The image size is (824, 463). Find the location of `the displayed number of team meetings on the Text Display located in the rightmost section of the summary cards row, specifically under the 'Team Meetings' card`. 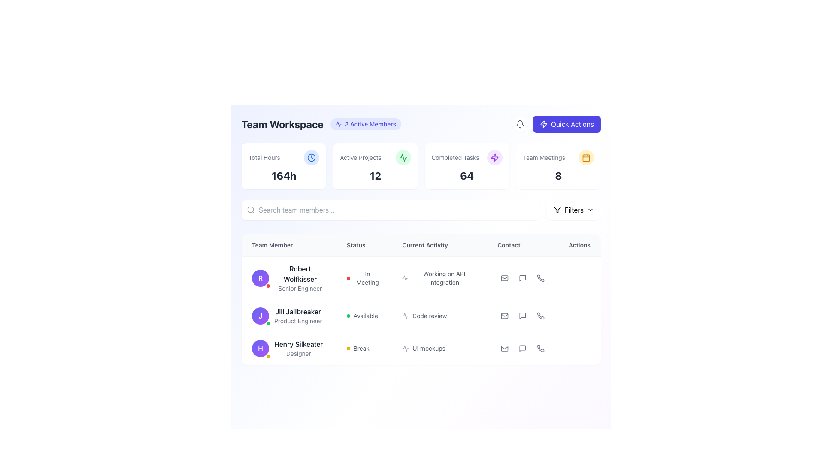

the displayed number of team meetings on the Text Display located in the rightmost section of the summary cards row, specifically under the 'Team Meetings' card is located at coordinates (558, 175).